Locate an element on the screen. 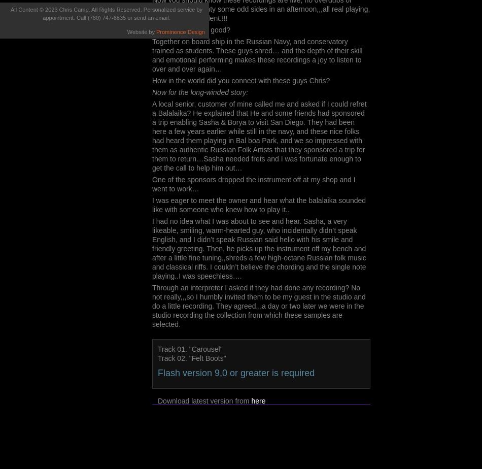 The image size is (482, 469). 'You have no flash plugin installed' is located at coordinates (217, 392).